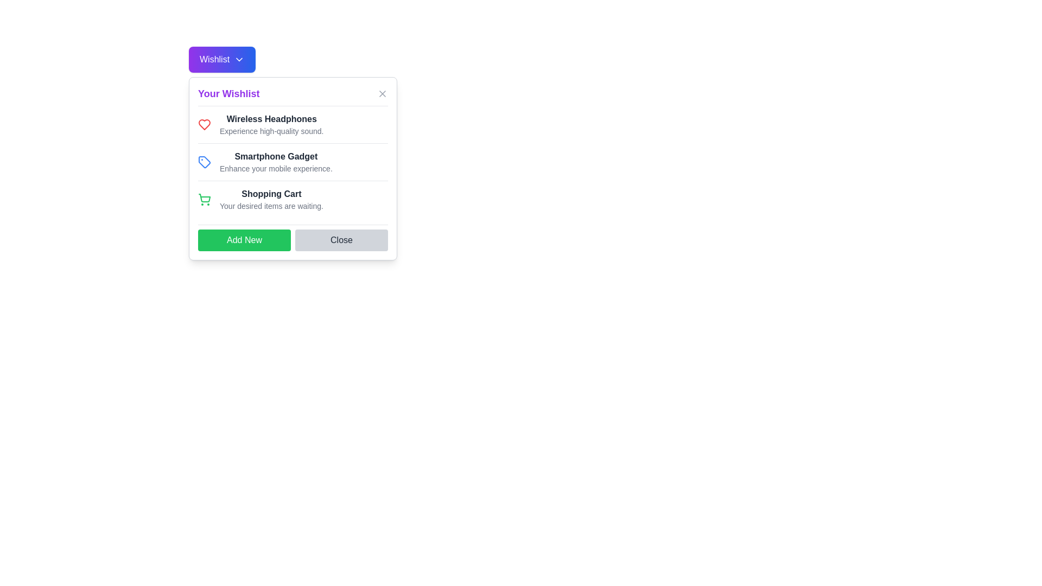 The width and height of the screenshot is (1042, 586). Describe the element at coordinates (293, 161) in the screenshot. I see `text of the 'Smartphone Gadget' list item, which is the second item in the 'Your Wishlist' modal` at that location.